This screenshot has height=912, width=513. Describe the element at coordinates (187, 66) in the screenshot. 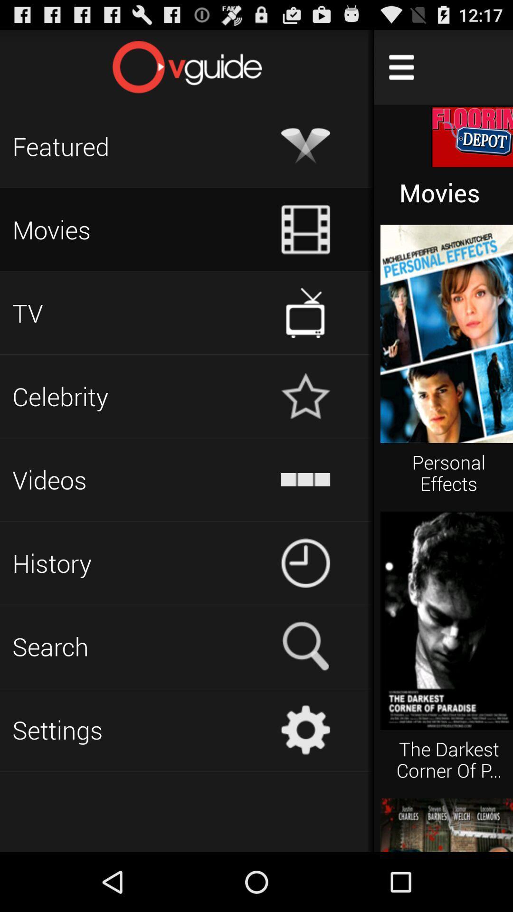

I see `frontpage` at that location.